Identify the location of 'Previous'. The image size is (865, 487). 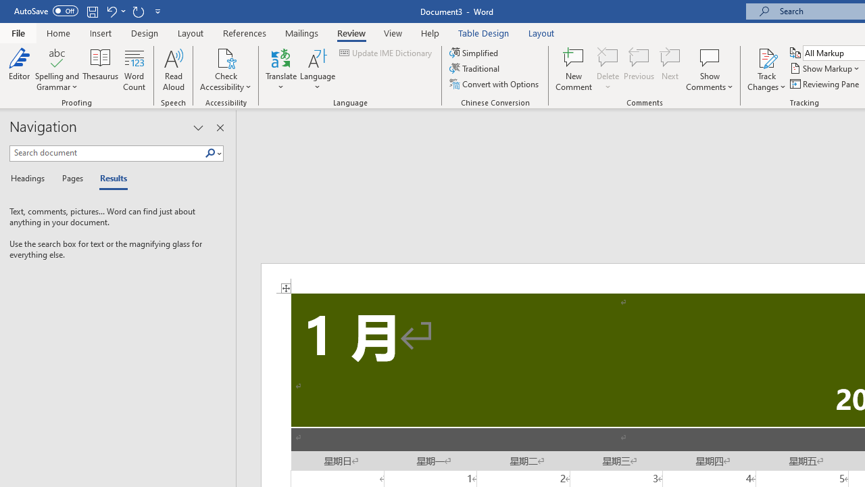
(639, 70).